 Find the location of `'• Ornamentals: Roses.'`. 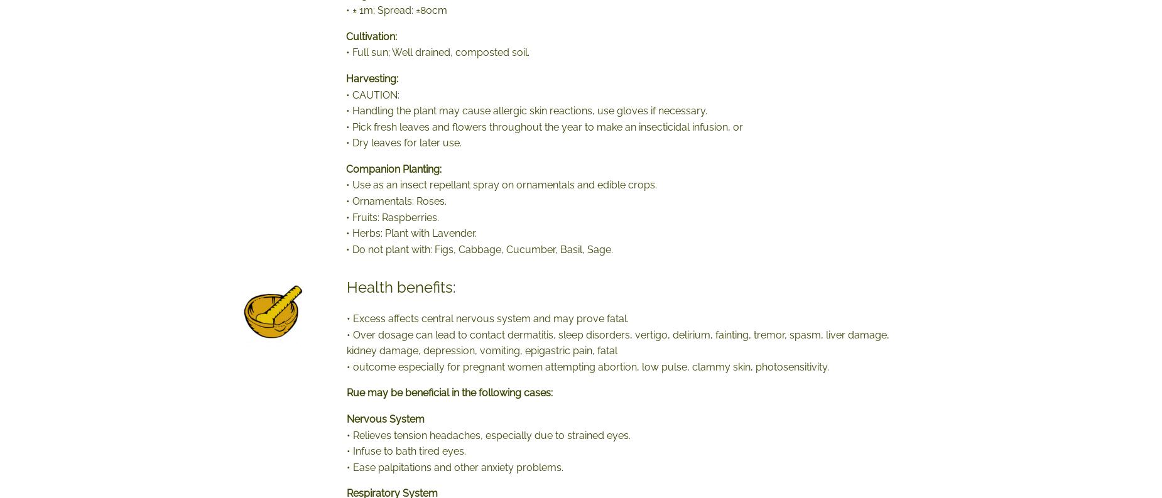

'• Ornamentals: Roses.' is located at coordinates (396, 201).